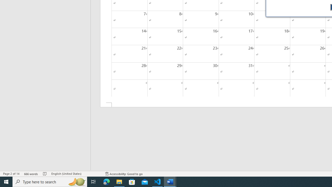 This screenshot has height=187, width=332. I want to click on 'Task View', so click(93, 181).